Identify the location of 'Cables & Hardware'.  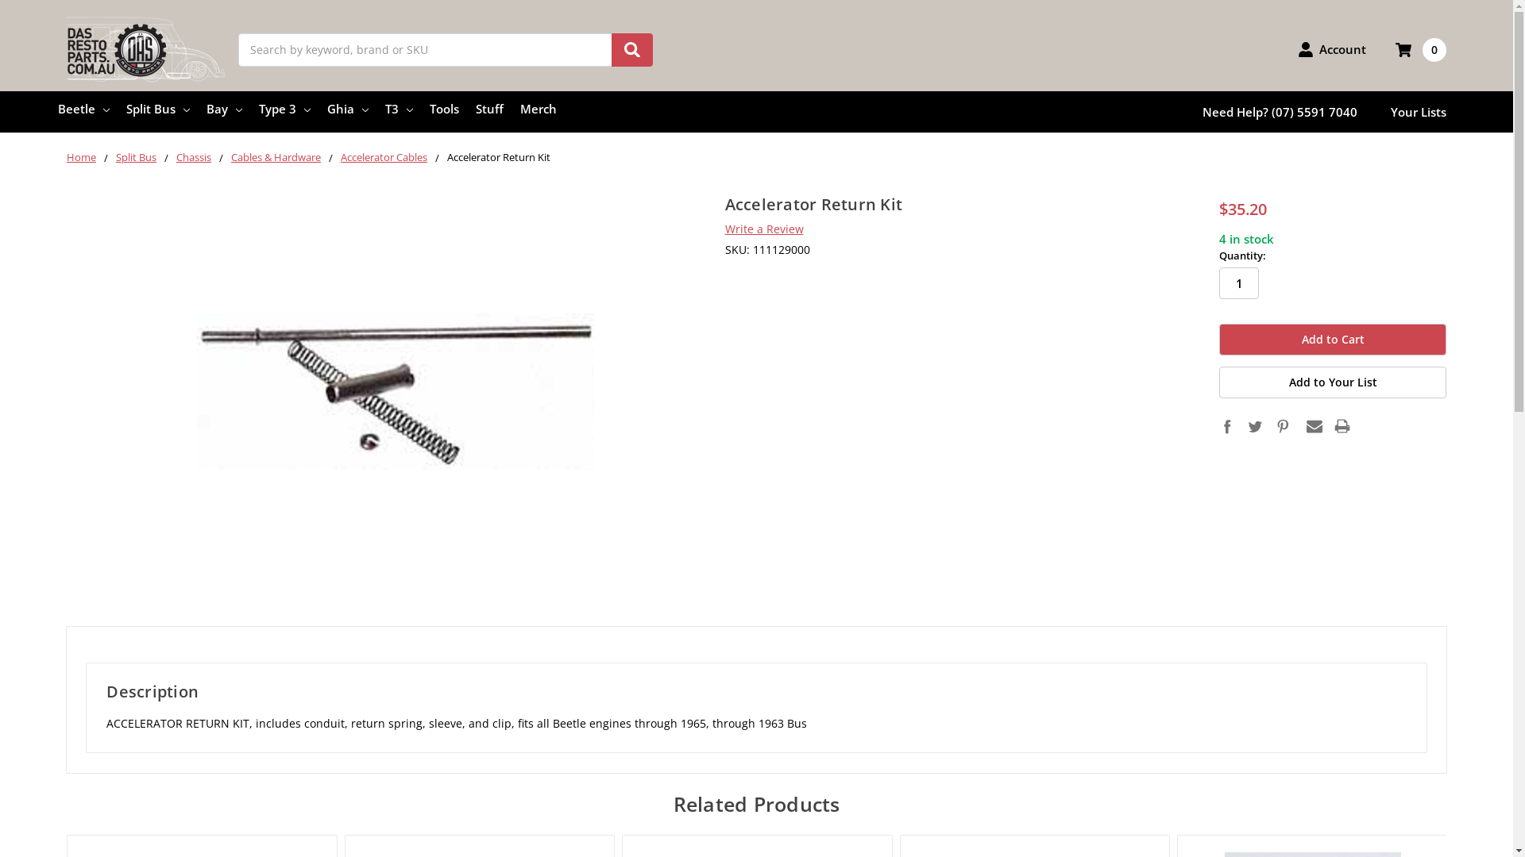
(276, 156).